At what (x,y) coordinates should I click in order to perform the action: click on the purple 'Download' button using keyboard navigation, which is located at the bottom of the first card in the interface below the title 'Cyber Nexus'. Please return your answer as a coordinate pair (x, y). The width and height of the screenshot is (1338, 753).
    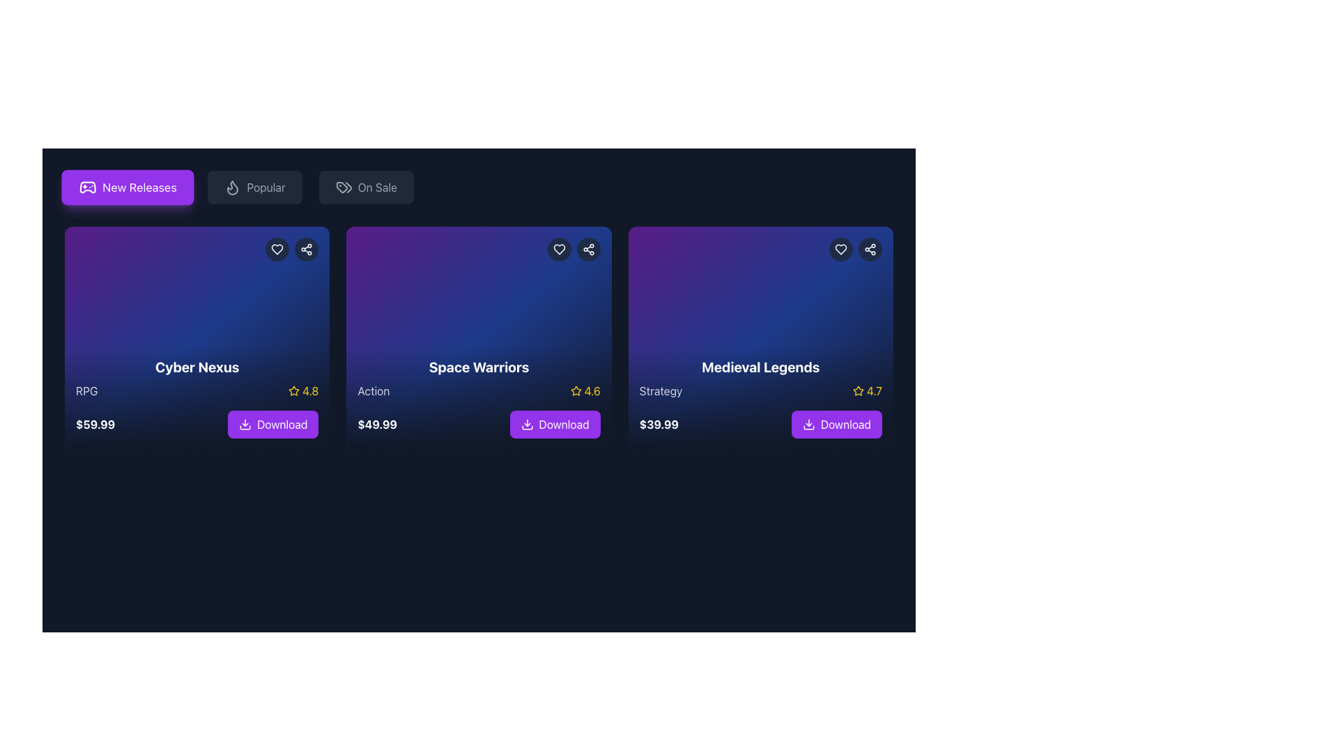
    Looking at the image, I should click on (282, 424).